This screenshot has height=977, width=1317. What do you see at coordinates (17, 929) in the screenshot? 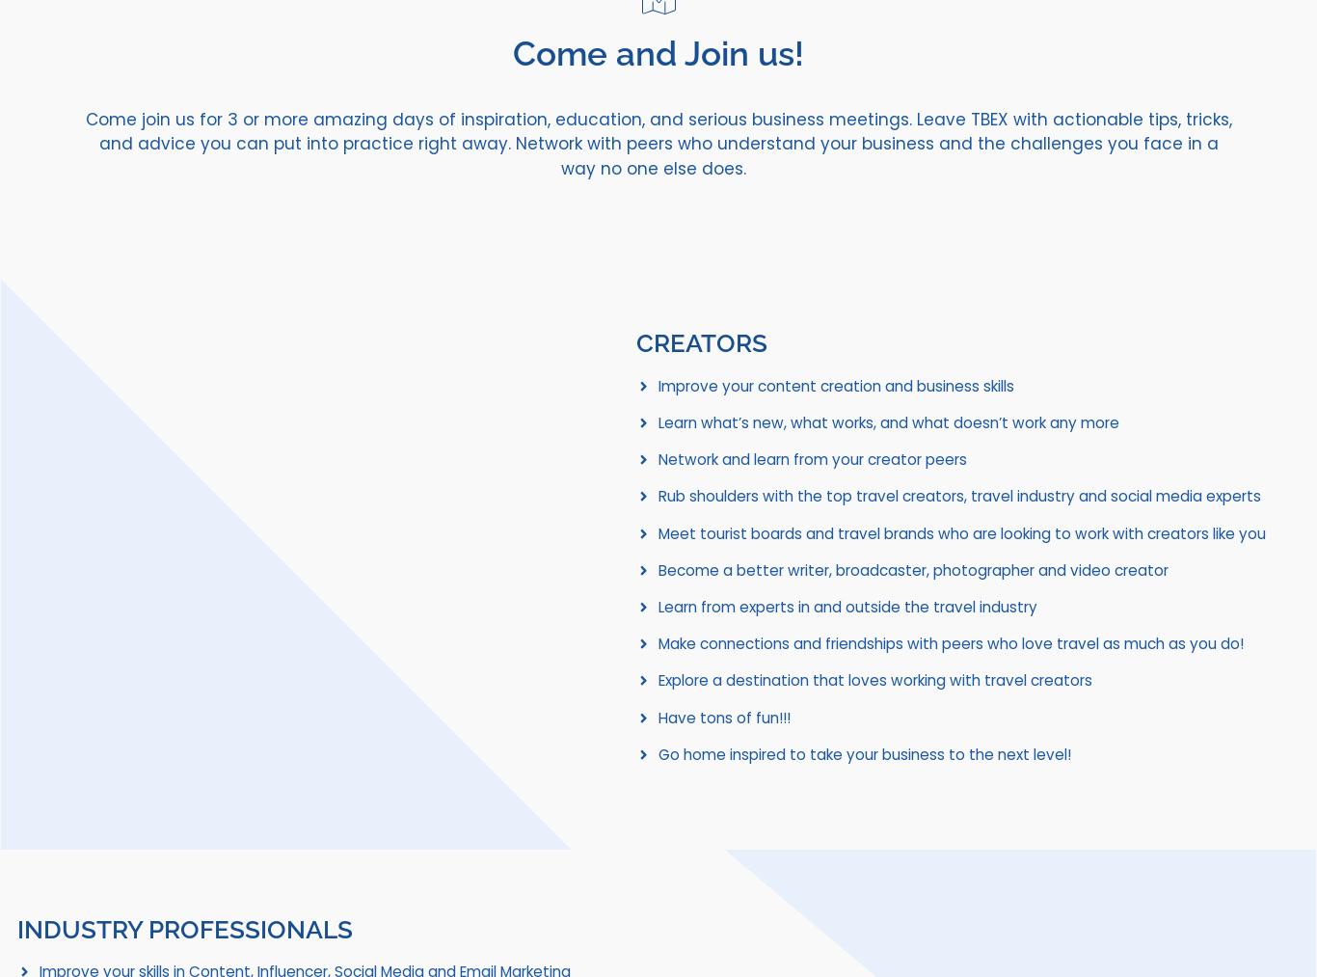
I see `'Industry Professionals'` at bounding box center [17, 929].